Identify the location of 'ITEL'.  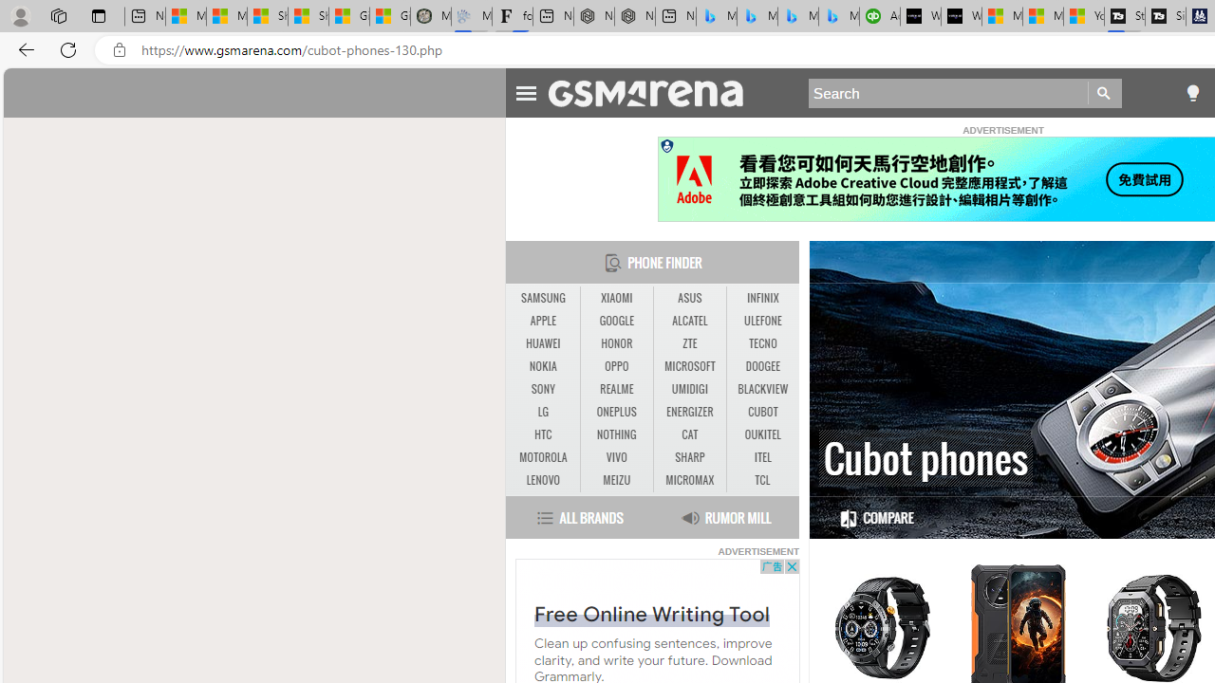
(762, 458).